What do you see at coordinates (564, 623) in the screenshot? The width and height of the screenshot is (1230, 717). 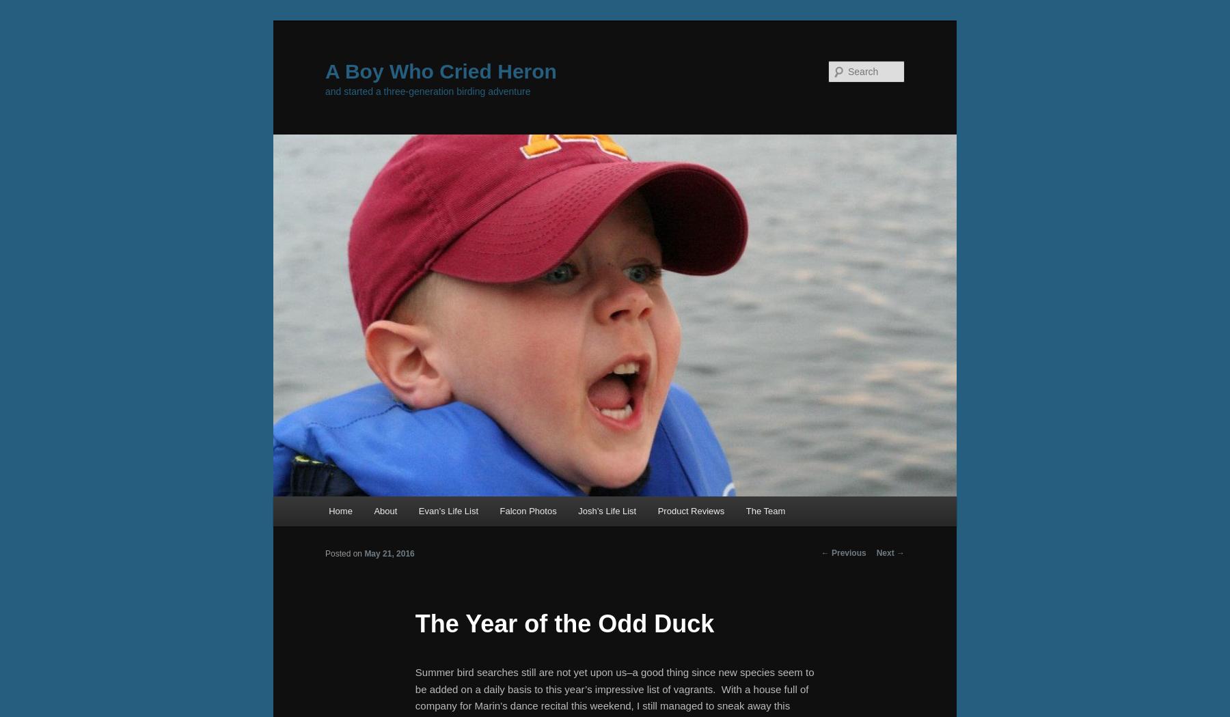 I see `'The Year of the Odd Duck'` at bounding box center [564, 623].